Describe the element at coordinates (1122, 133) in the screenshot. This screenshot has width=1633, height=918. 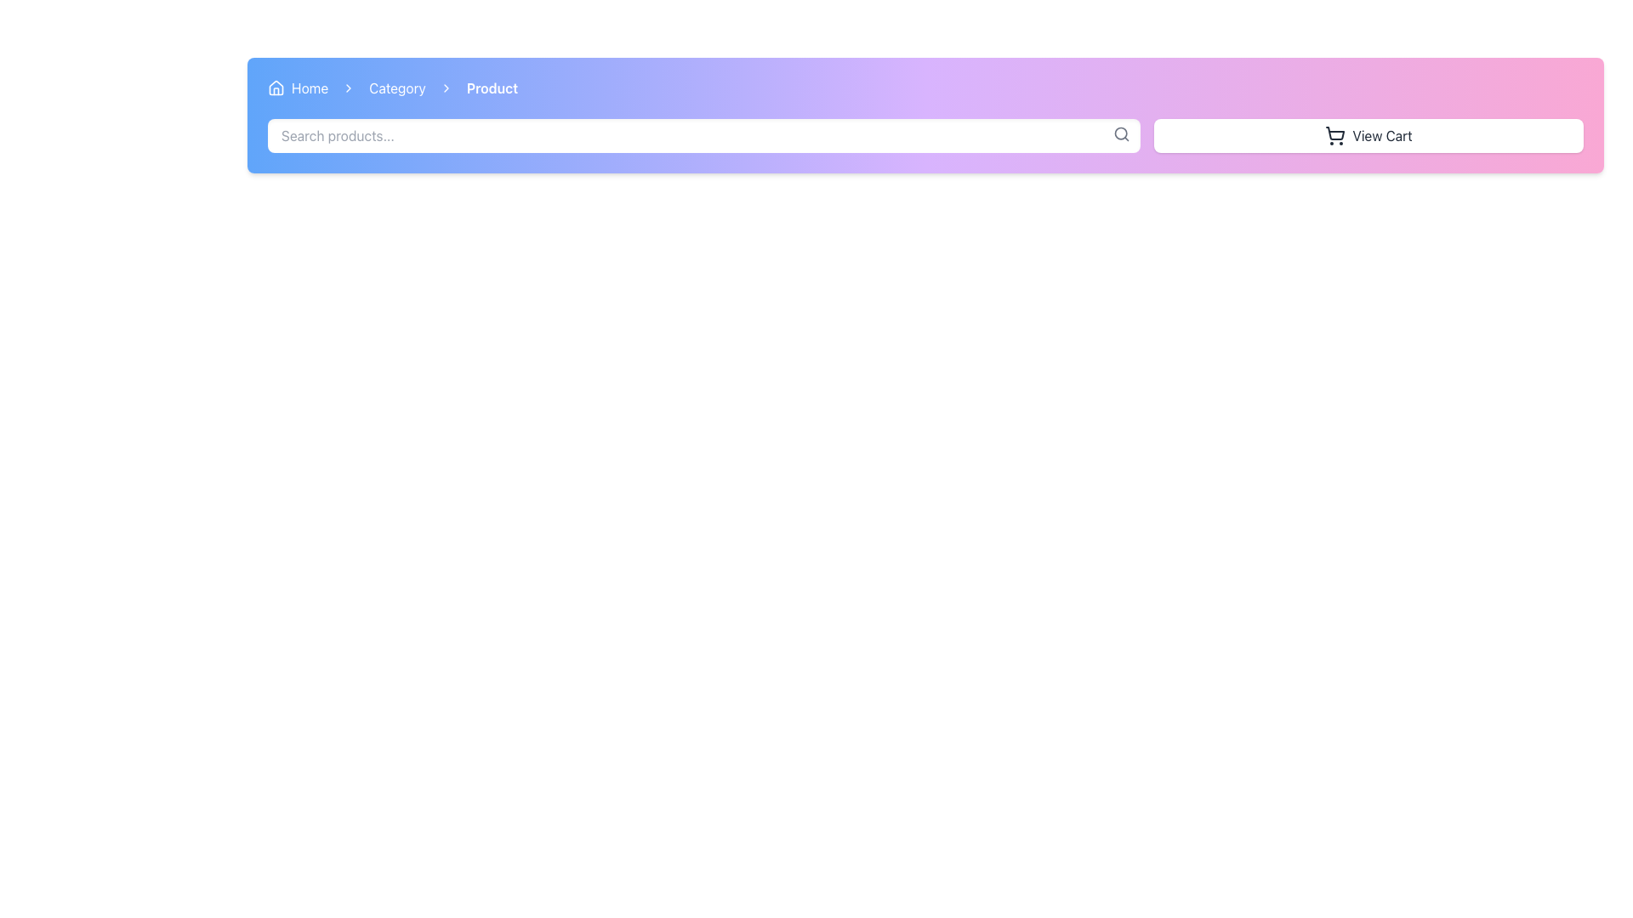
I see `the magnifying glass icon located at the far right of the search input field` at that location.